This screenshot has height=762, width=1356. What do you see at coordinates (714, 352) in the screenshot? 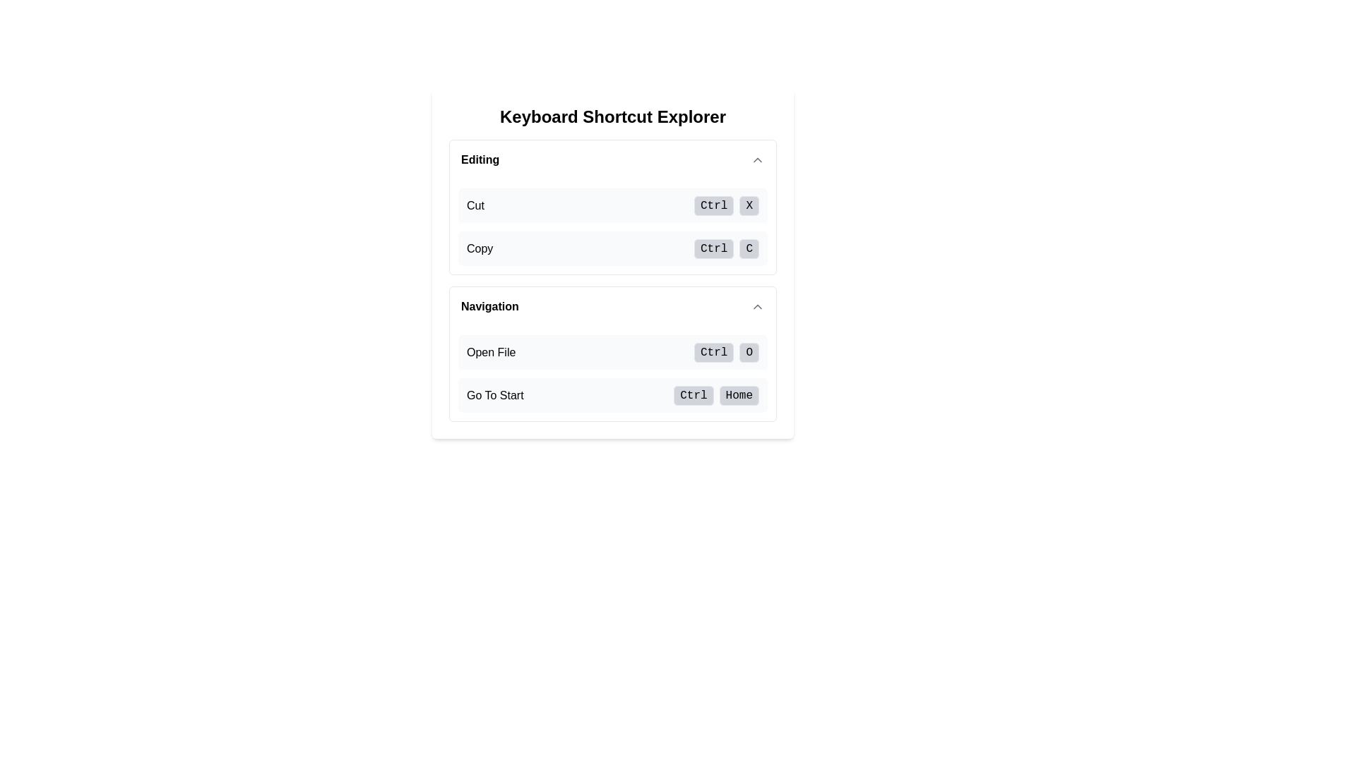
I see `the rectangular button-like component labeled 'Ctrl' with a light gray background and bold black font, located in the 'Navigation' section` at bounding box center [714, 352].